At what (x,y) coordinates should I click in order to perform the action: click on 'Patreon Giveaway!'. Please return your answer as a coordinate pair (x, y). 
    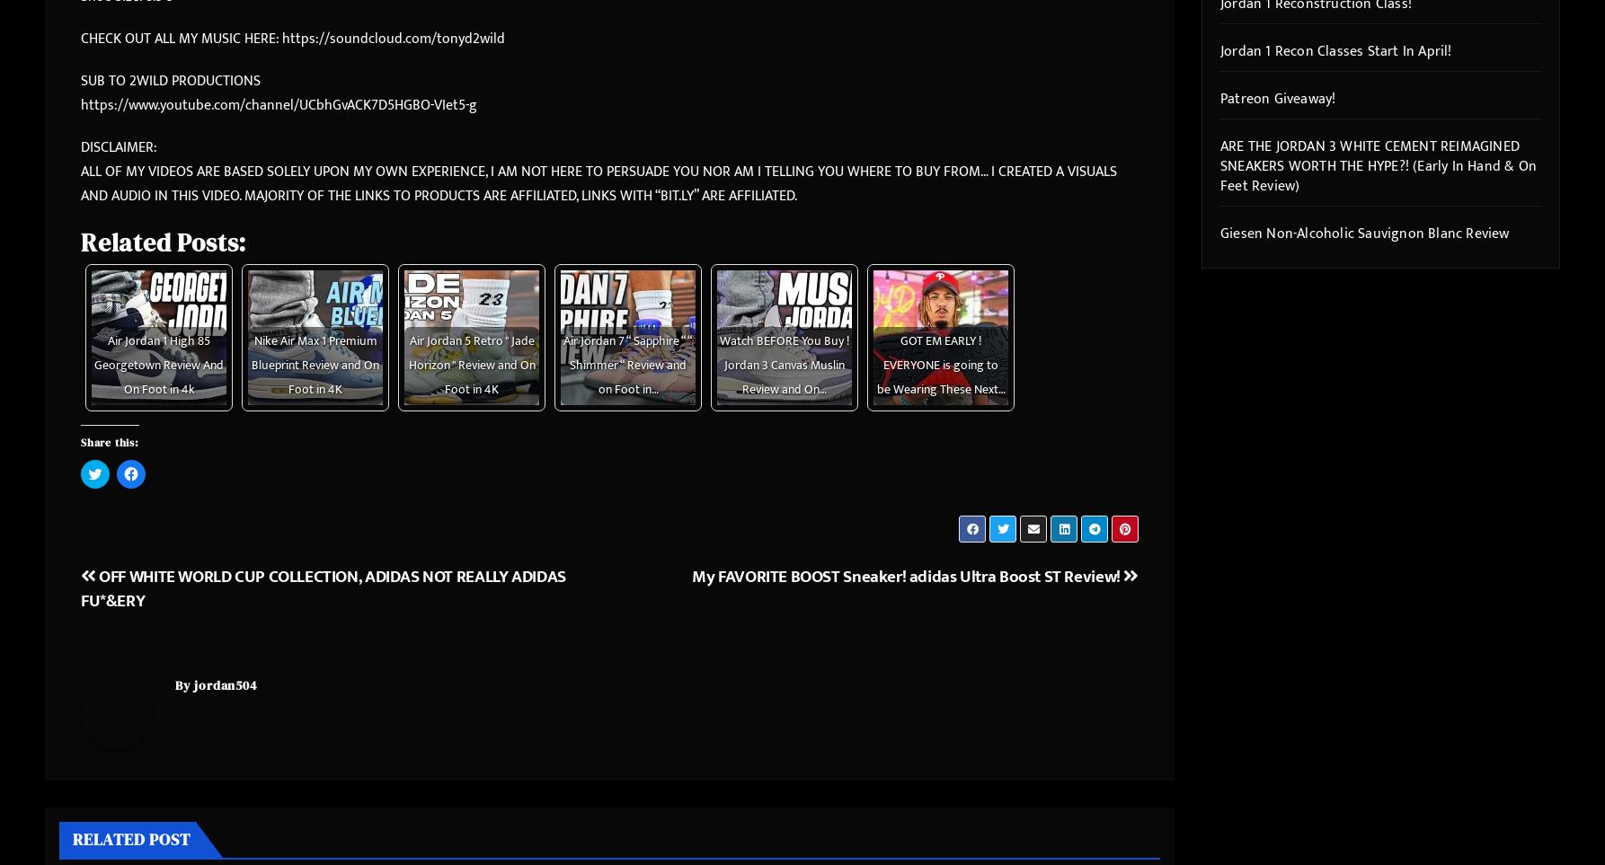
    Looking at the image, I should click on (1277, 97).